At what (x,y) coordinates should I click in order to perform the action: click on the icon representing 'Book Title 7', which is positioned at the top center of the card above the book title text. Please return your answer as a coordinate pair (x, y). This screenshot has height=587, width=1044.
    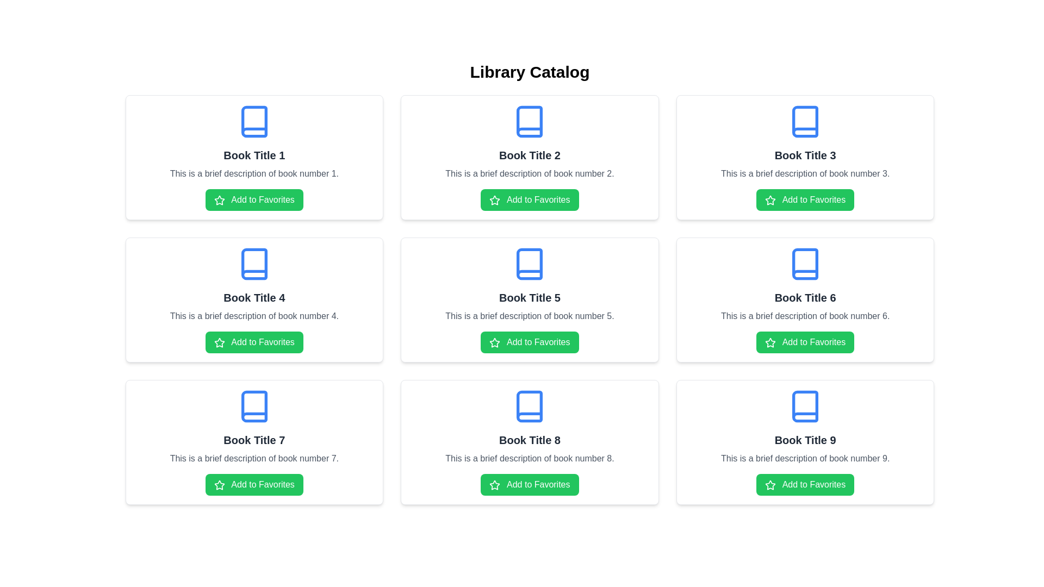
    Looking at the image, I should click on (253, 407).